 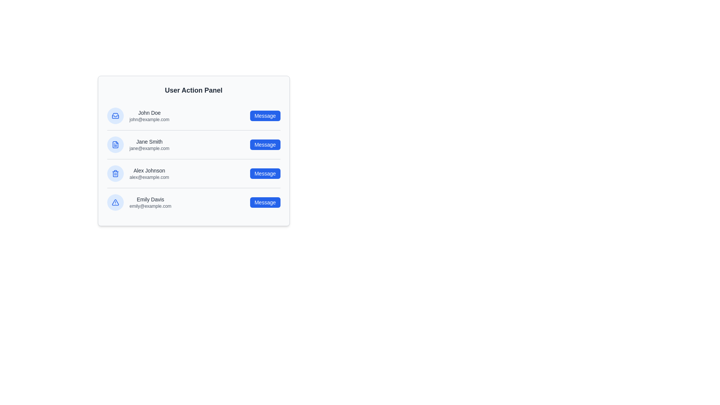 What do you see at coordinates (265, 202) in the screenshot?
I see `'Message' button for the user identified by Emily Davis` at bounding box center [265, 202].